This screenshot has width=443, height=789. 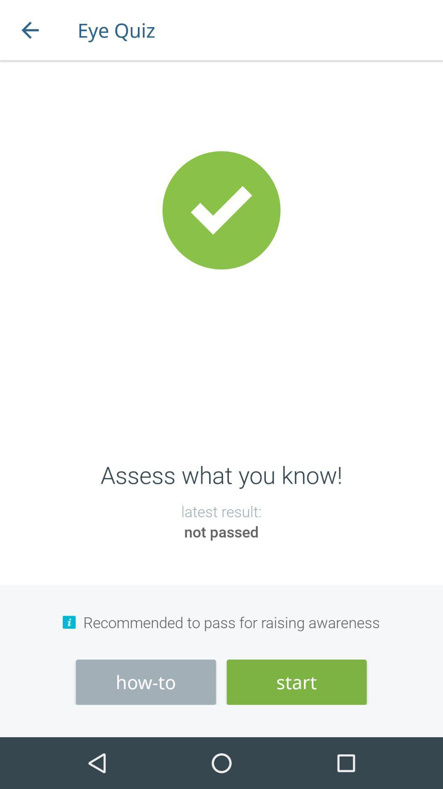 I want to click on the how-to, so click(x=145, y=682).